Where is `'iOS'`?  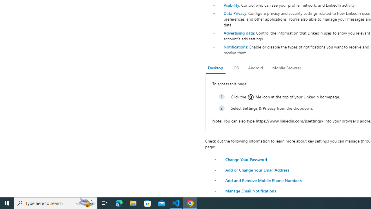
'iOS' is located at coordinates (235, 68).